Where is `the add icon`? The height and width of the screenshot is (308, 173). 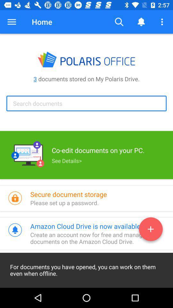 the add icon is located at coordinates (151, 230).